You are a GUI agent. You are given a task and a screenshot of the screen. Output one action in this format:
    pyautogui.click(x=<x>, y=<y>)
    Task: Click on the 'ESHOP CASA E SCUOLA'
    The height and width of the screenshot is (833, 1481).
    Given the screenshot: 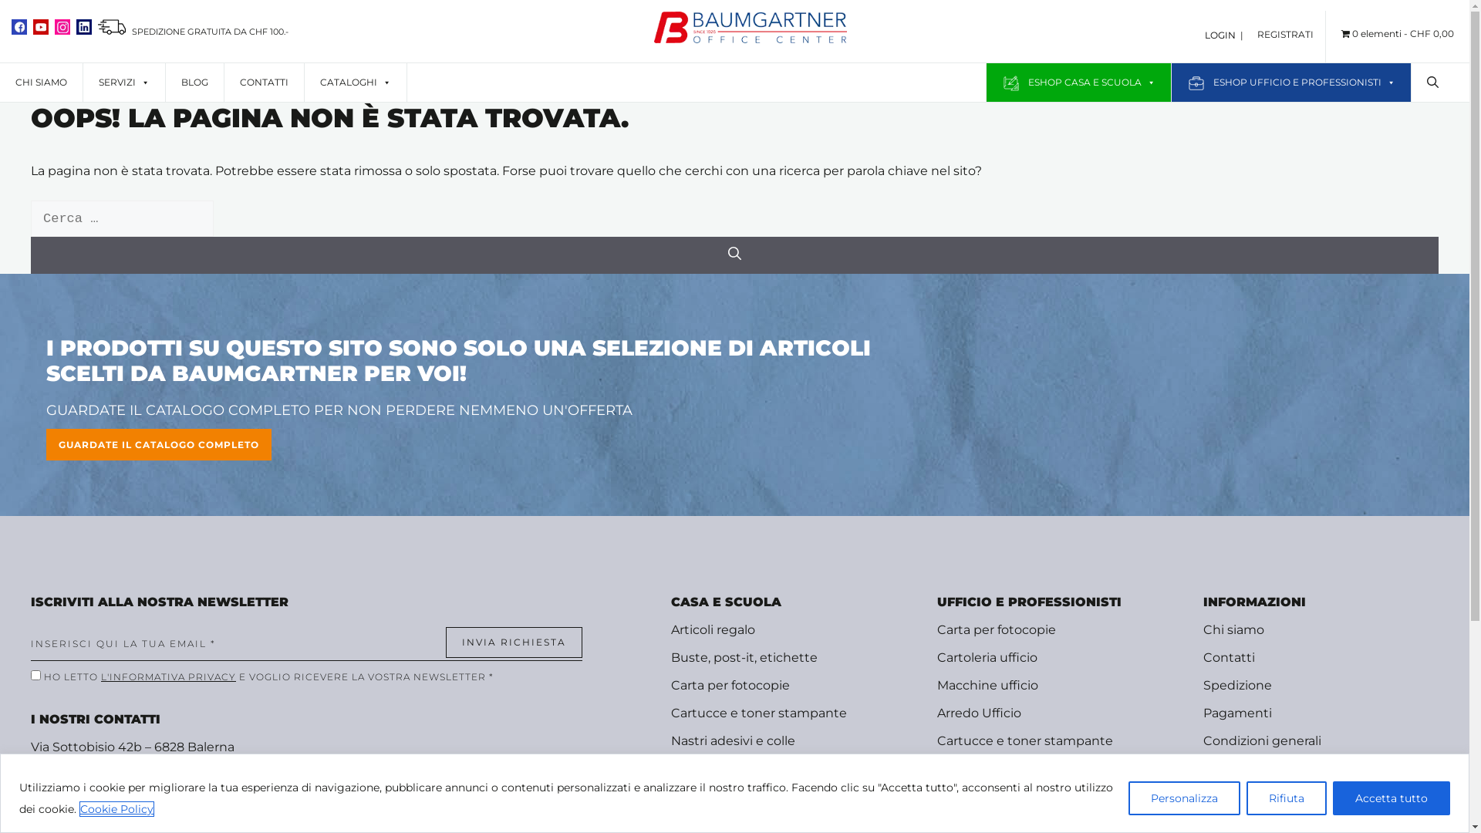 What is the action you would take?
    pyautogui.click(x=1078, y=83)
    